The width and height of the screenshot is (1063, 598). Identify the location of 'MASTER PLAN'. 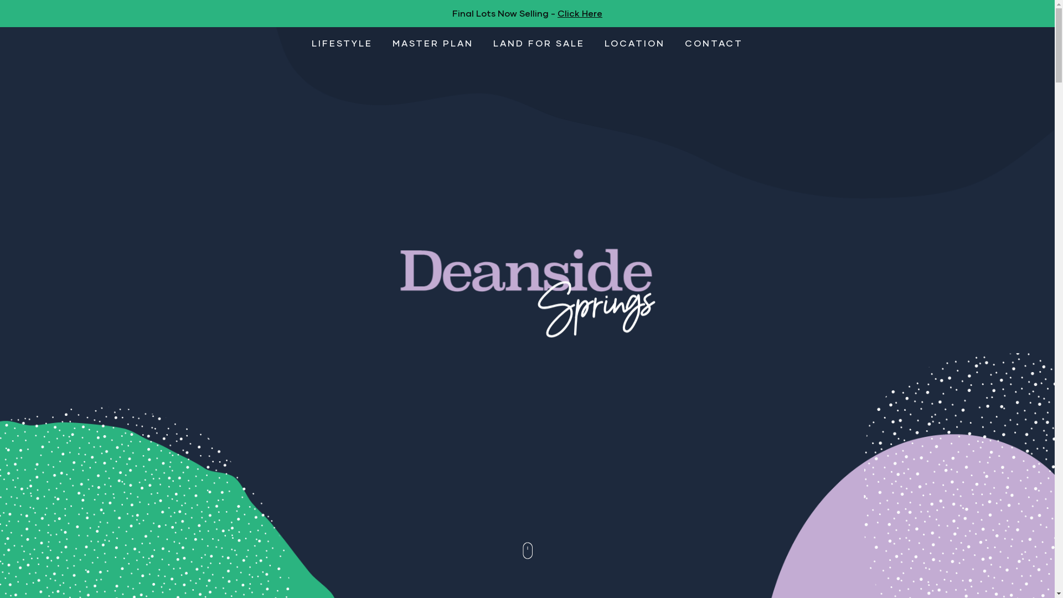
(432, 42).